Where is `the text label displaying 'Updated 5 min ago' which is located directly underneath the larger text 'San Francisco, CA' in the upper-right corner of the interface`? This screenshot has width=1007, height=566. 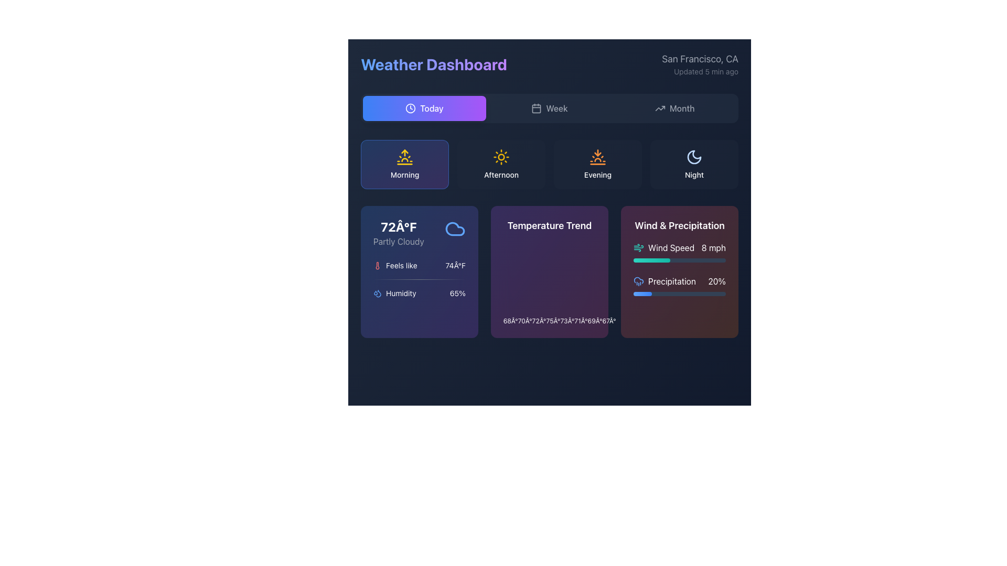 the text label displaying 'Updated 5 min ago' which is located directly underneath the larger text 'San Francisco, CA' in the upper-right corner of the interface is located at coordinates (700, 71).